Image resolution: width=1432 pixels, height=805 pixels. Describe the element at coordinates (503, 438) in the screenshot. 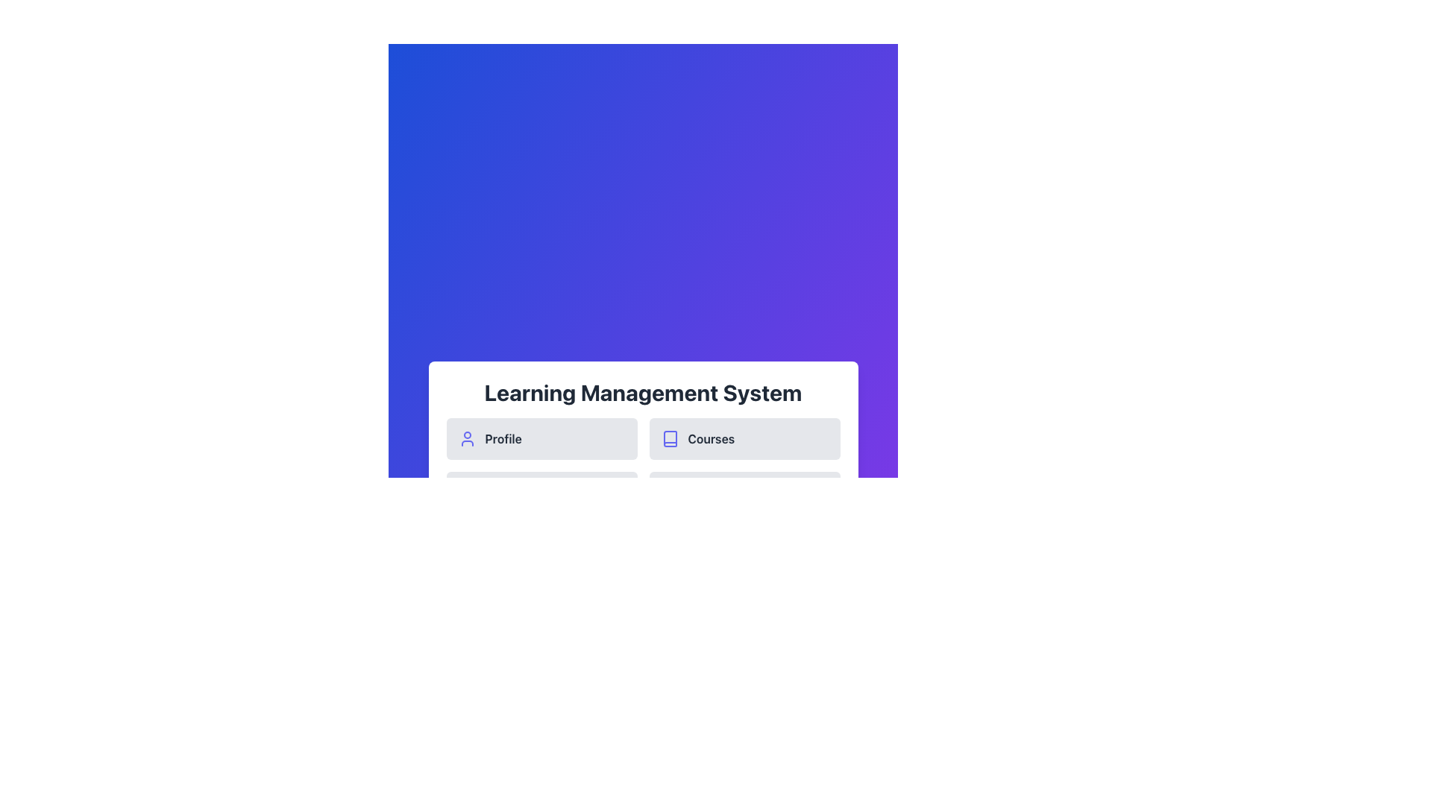

I see `text label displaying 'Profile' in bold dark gray color, located to the right of a user profile icon in an indigo color` at that location.